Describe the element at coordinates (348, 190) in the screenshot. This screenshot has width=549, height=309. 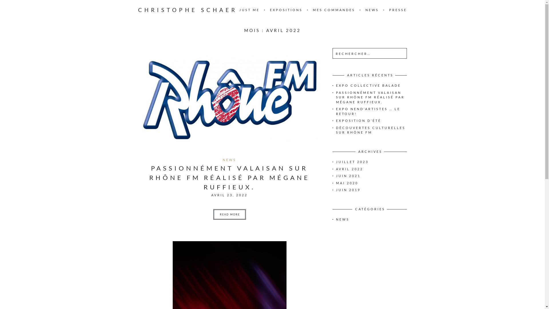
I see `'JUIN 2019'` at that location.